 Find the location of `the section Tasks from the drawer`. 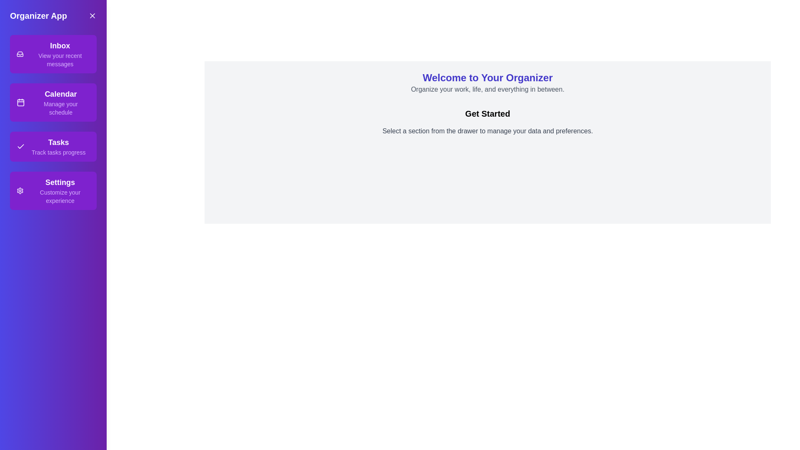

the section Tasks from the drawer is located at coordinates (53, 146).